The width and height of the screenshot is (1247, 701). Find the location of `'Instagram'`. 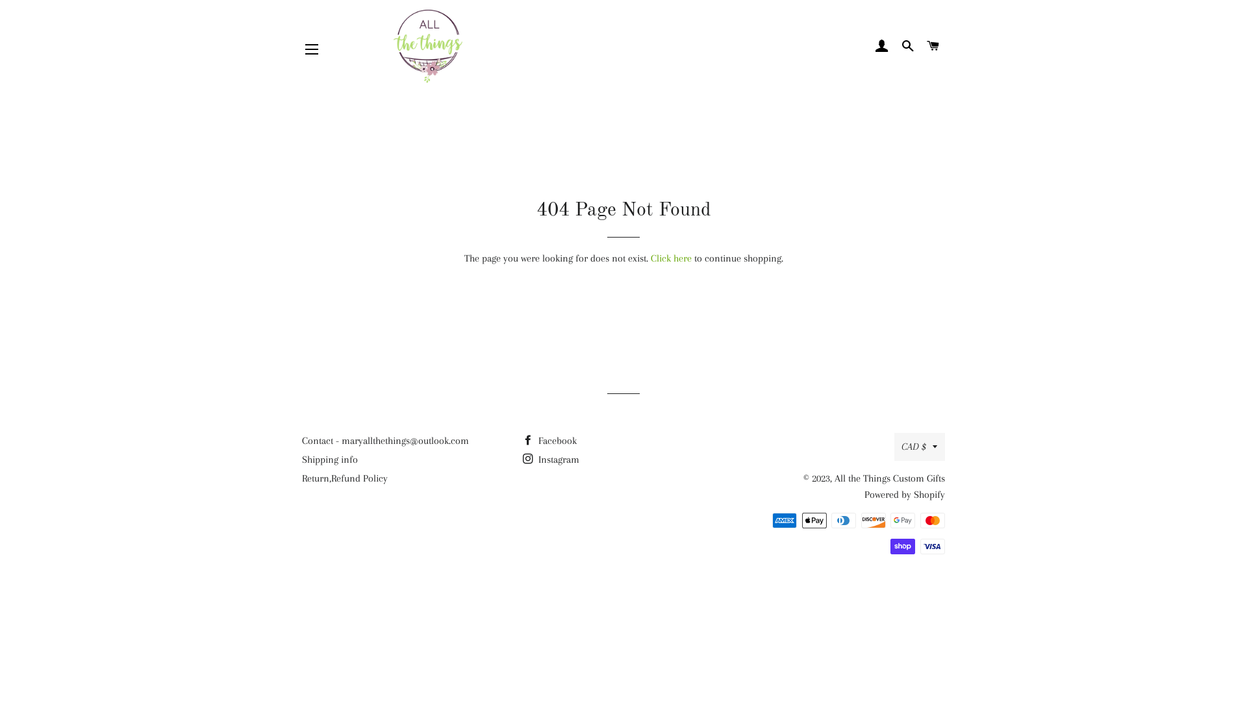

'Instagram' is located at coordinates (523, 459).